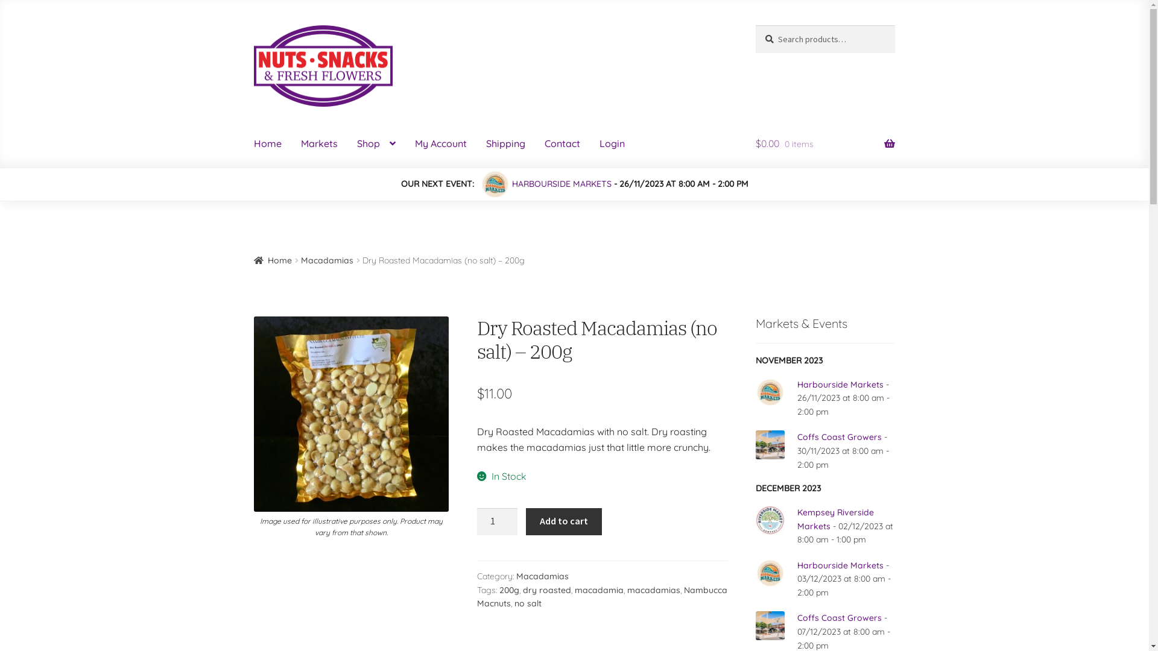 The height and width of the screenshot is (651, 1158). Describe the element at coordinates (612, 143) in the screenshot. I see `'Login'` at that location.